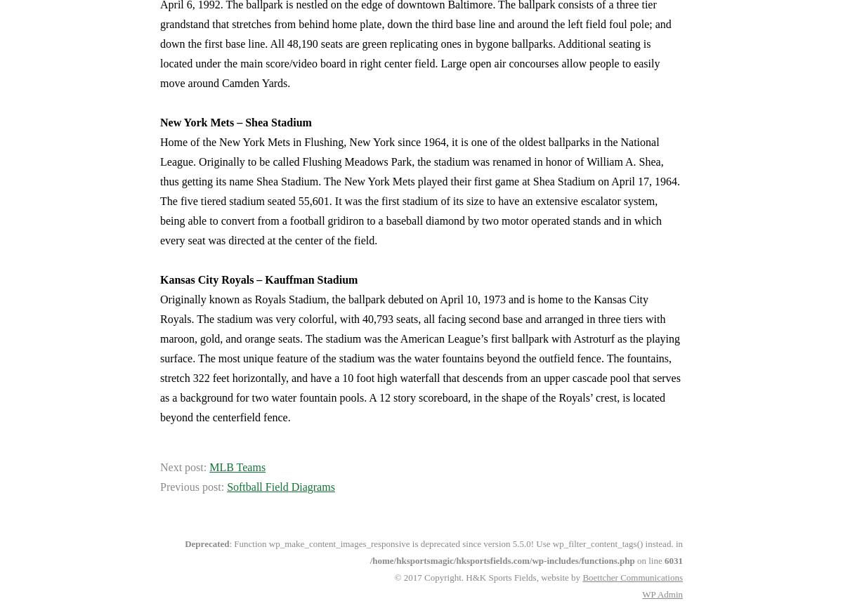  Describe the element at coordinates (502, 560) in the screenshot. I see `'/home/hksportsmagic/hksportsfields.com/wp-includes/functions.php'` at that location.